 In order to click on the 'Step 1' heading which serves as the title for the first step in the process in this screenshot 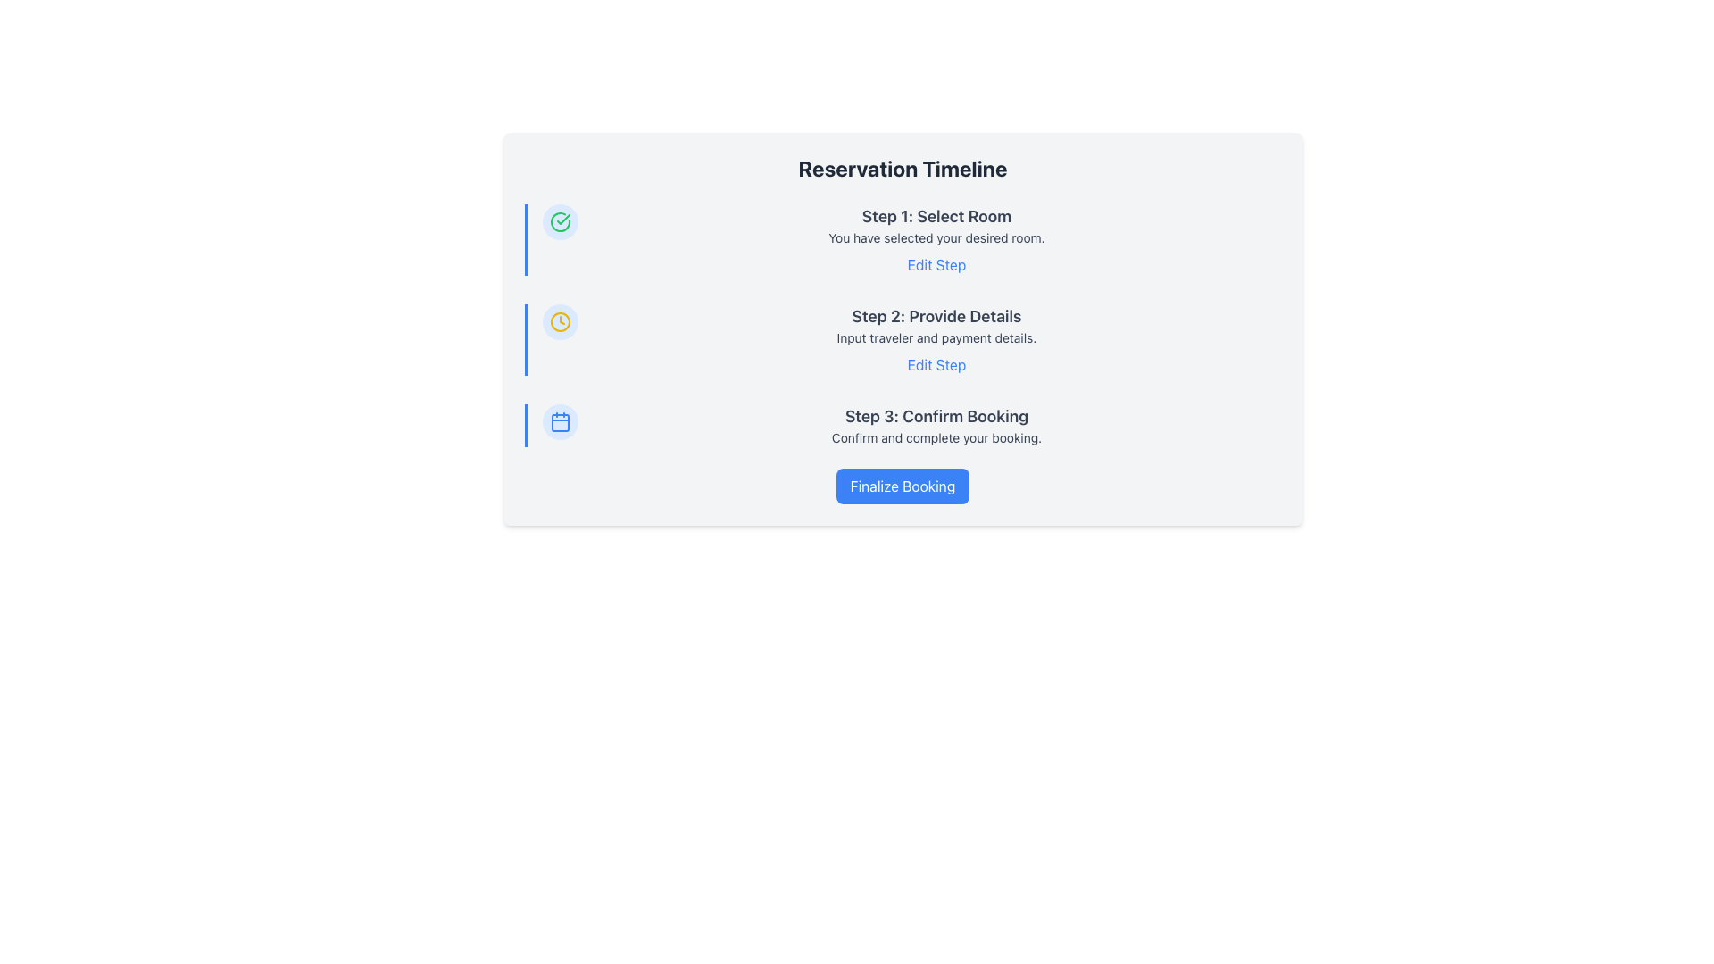, I will do `click(936, 216)`.